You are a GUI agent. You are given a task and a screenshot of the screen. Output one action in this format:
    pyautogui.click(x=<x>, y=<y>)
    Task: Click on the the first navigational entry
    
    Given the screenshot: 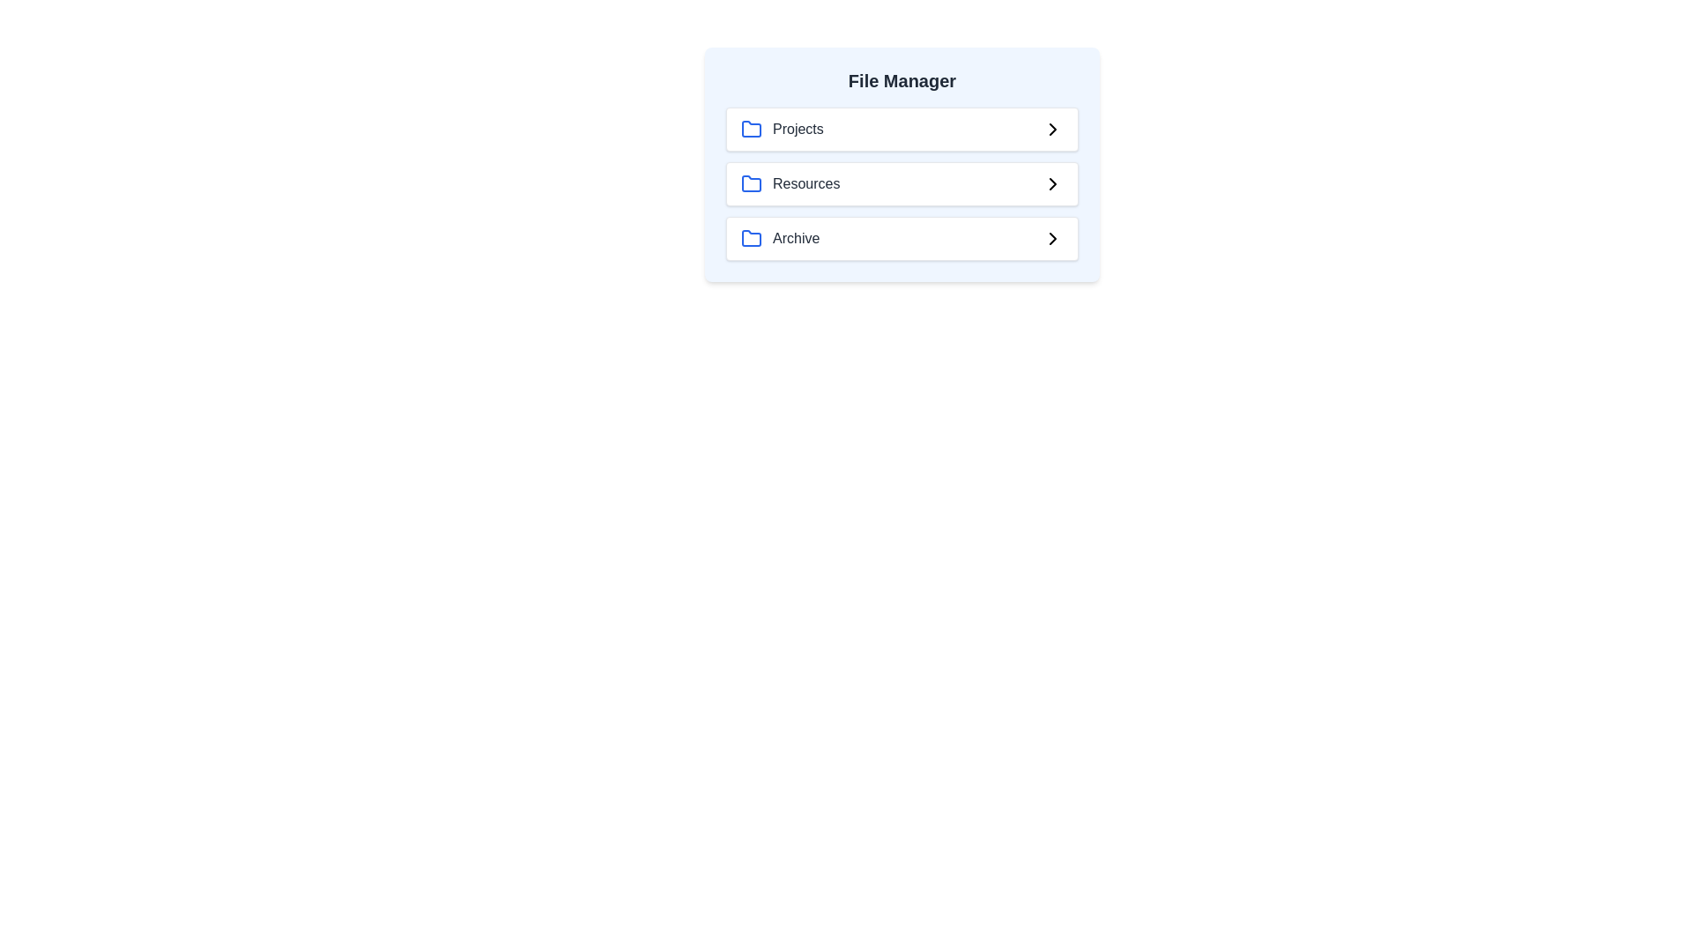 What is the action you would take?
    pyautogui.click(x=781, y=128)
    